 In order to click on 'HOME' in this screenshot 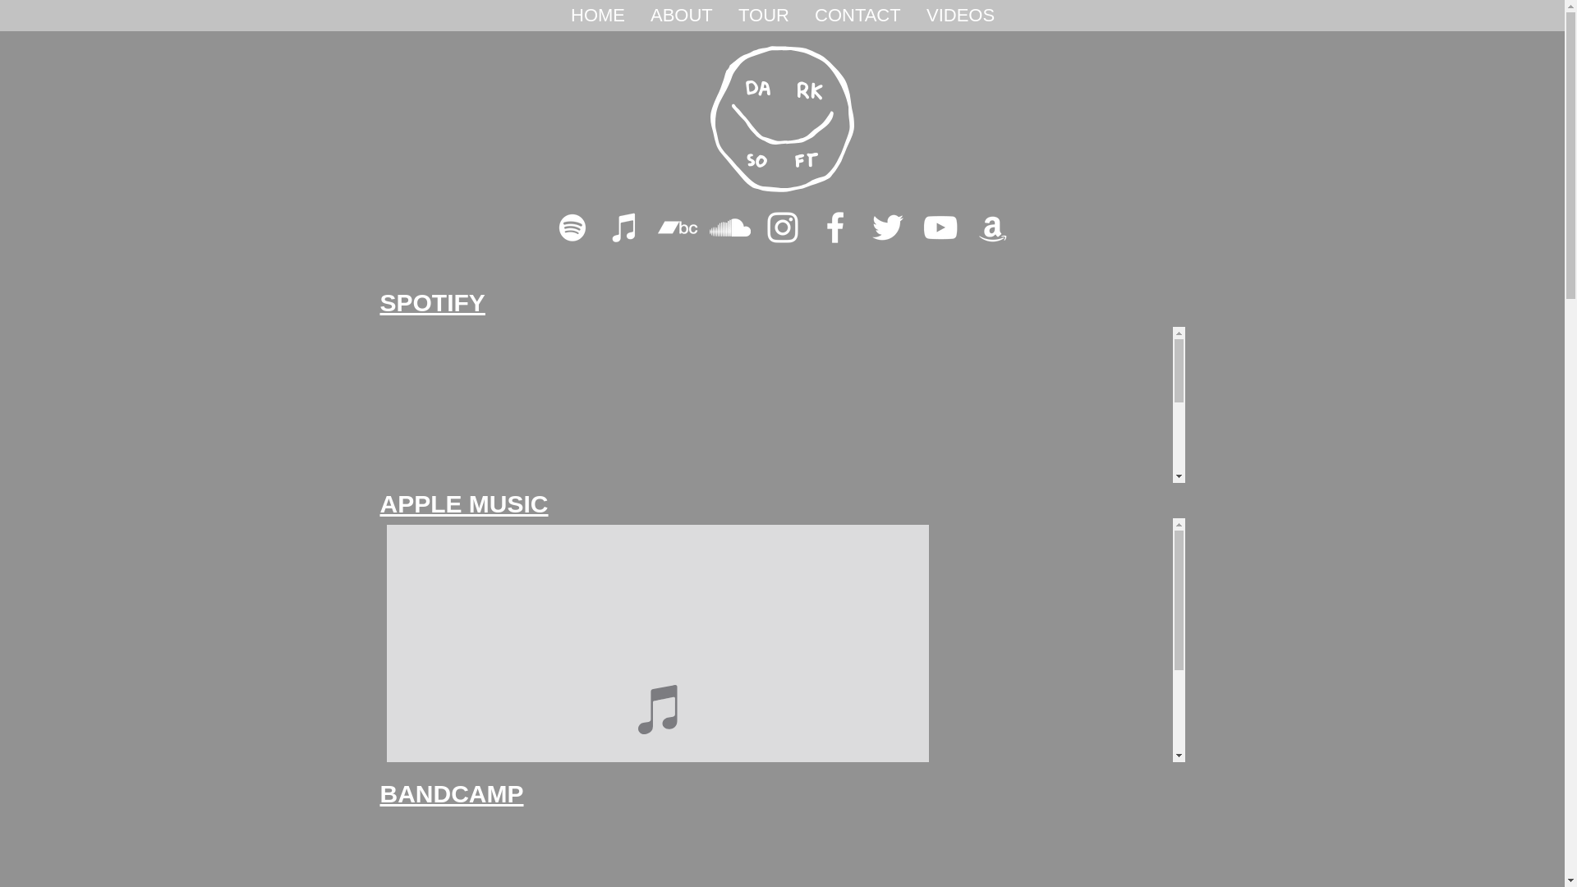, I will do `click(596, 16)`.